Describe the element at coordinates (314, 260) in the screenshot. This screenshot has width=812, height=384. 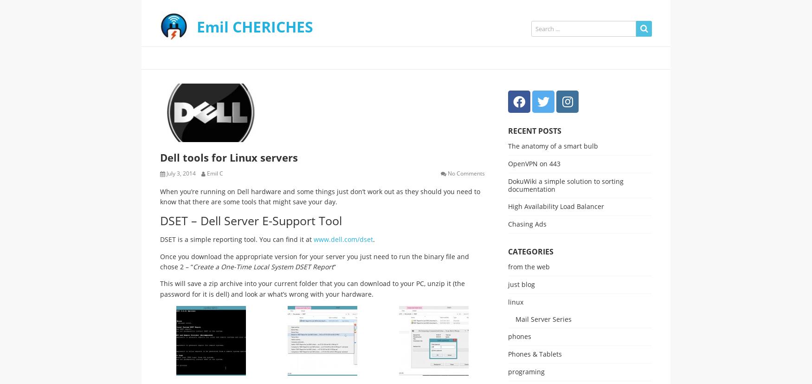
I see `'Once you download the appropriate version for your server you just need to run the binary file and chose 2 – “'` at that location.